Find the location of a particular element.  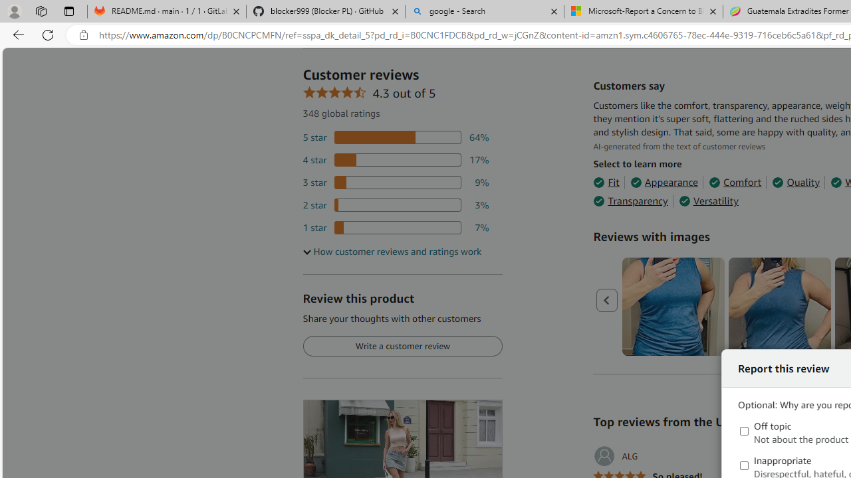

'Microsoft-Report a Concern to Bing' is located at coordinates (643, 11).